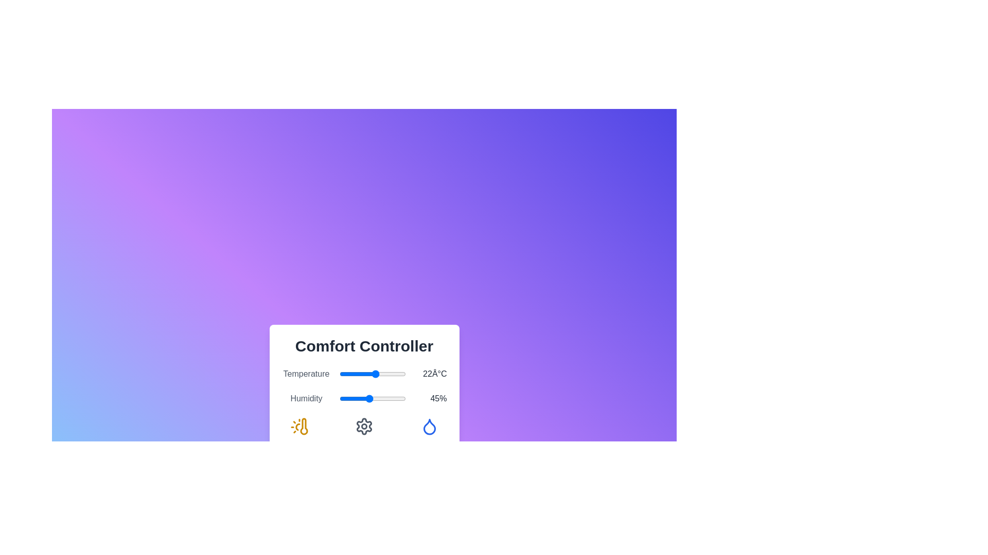 This screenshot has width=988, height=555. What do you see at coordinates (429, 426) in the screenshot?
I see `the droplet icon to interact with the humidity feature` at bounding box center [429, 426].